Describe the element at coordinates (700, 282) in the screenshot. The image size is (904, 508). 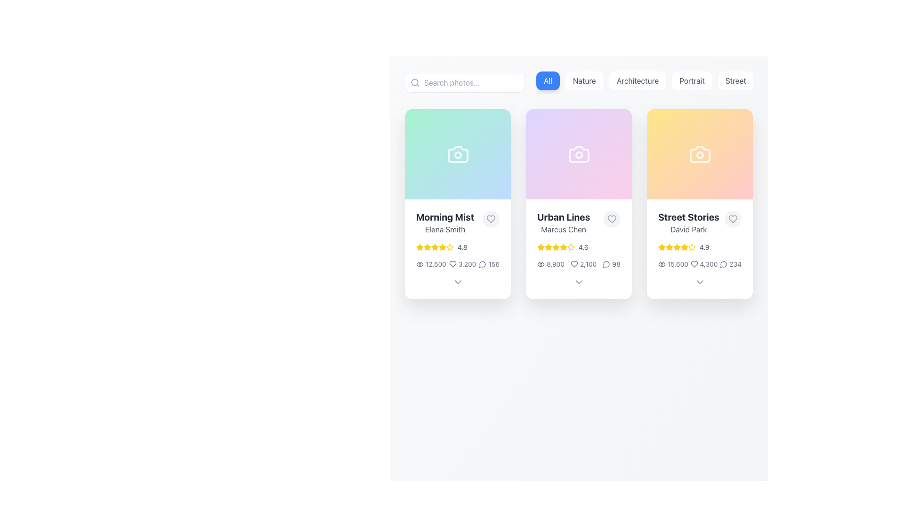
I see `the Dropdown trigger icon located at the bottom of the 'Street Stories' card` at that location.